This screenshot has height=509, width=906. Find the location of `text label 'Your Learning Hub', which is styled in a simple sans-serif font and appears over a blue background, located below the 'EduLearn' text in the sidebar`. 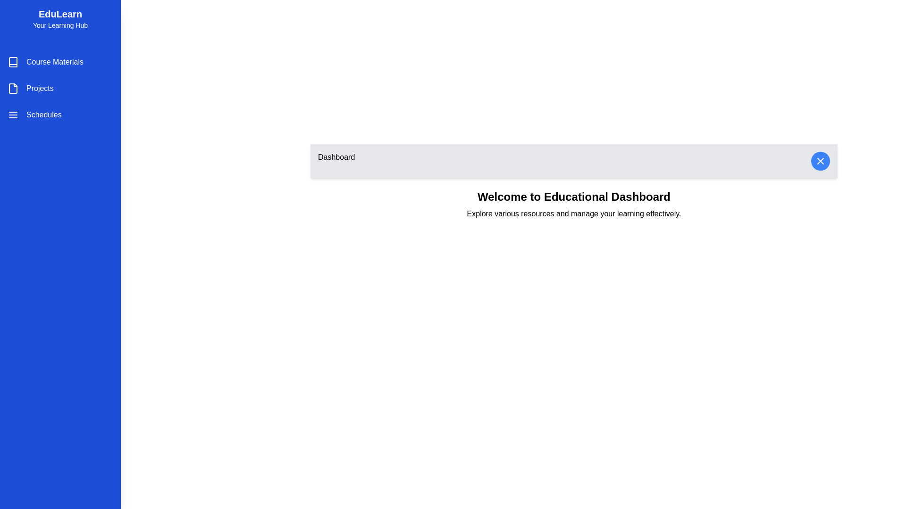

text label 'Your Learning Hub', which is styled in a simple sans-serif font and appears over a blue background, located below the 'EduLearn' text in the sidebar is located at coordinates (60, 25).